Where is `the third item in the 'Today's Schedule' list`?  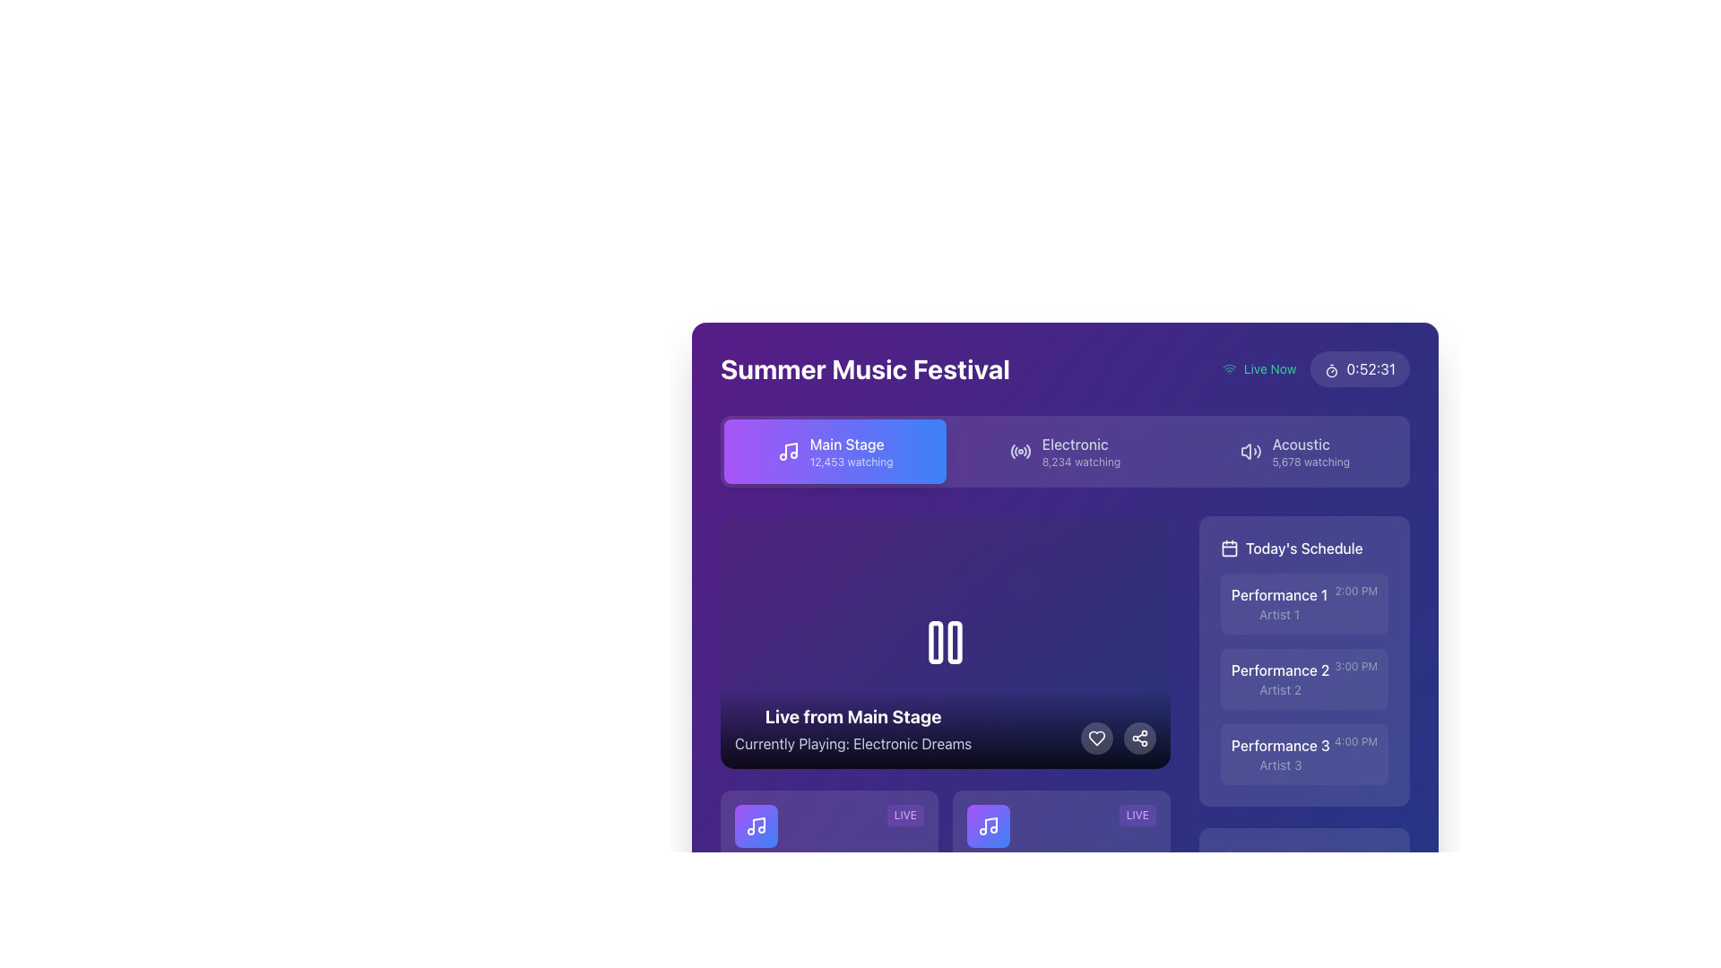 the third item in the 'Today's Schedule' list is located at coordinates (1304, 754).